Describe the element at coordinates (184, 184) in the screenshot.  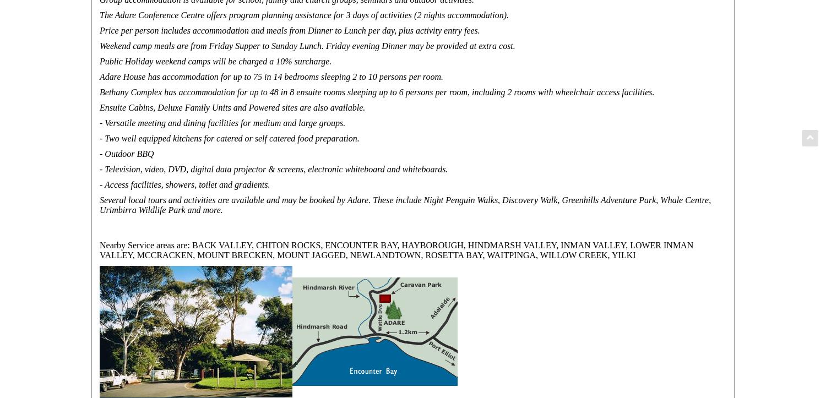
I see `'- Access facilities, showers, toilet and gradients.'` at that location.